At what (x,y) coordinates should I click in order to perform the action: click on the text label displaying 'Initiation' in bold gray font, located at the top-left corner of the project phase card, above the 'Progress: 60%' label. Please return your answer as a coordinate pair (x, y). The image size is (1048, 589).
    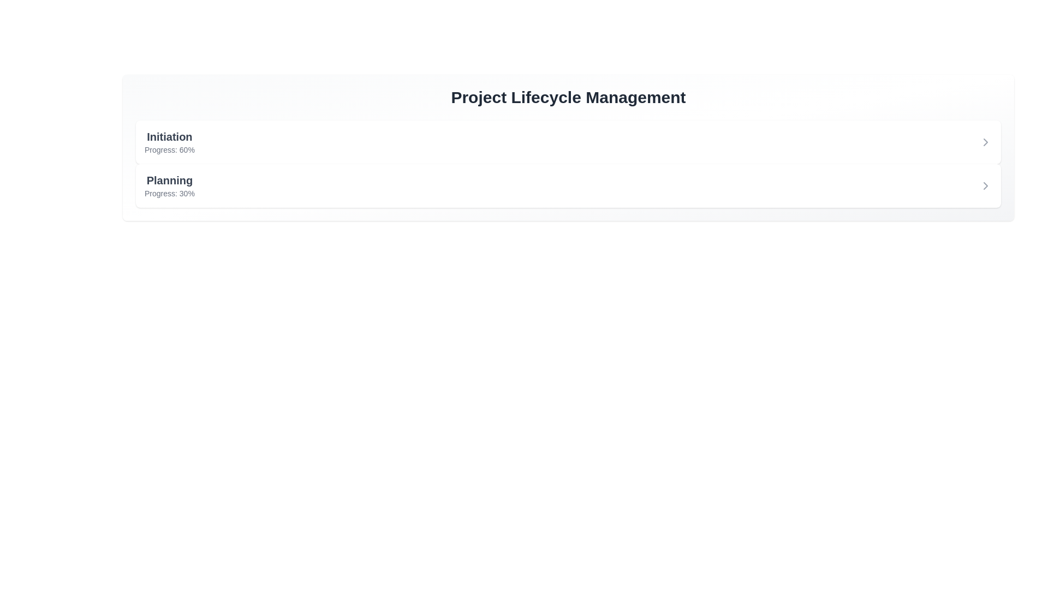
    Looking at the image, I should click on (169, 136).